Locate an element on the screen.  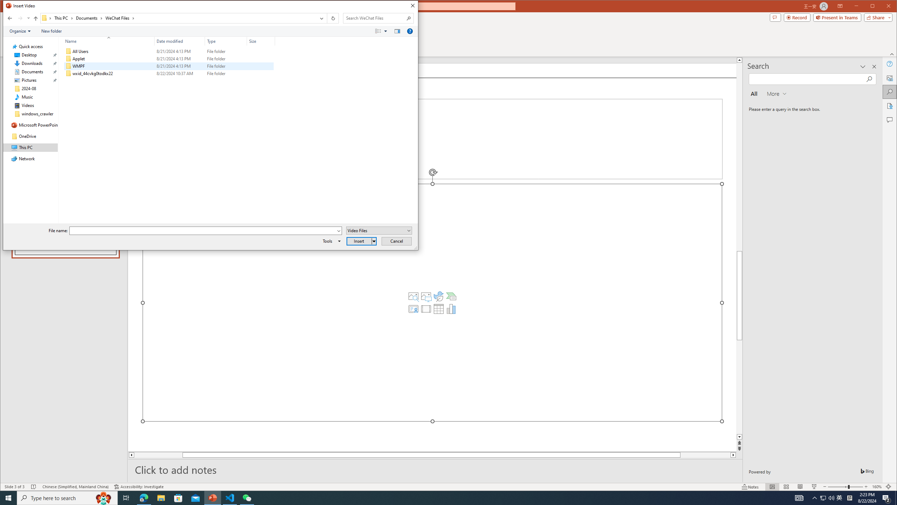
'File name:' is located at coordinates (203, 231).